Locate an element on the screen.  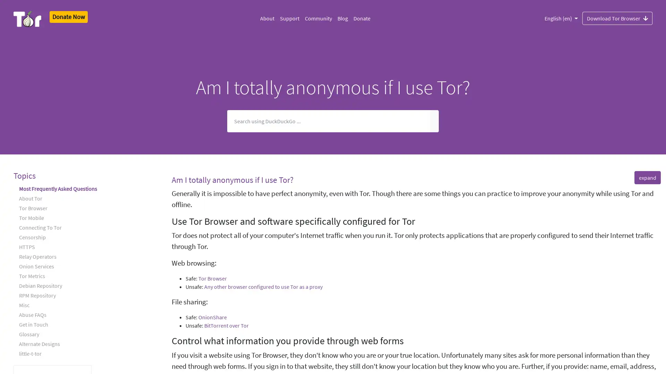
little-t-tor is located at coordinates (86, 353).